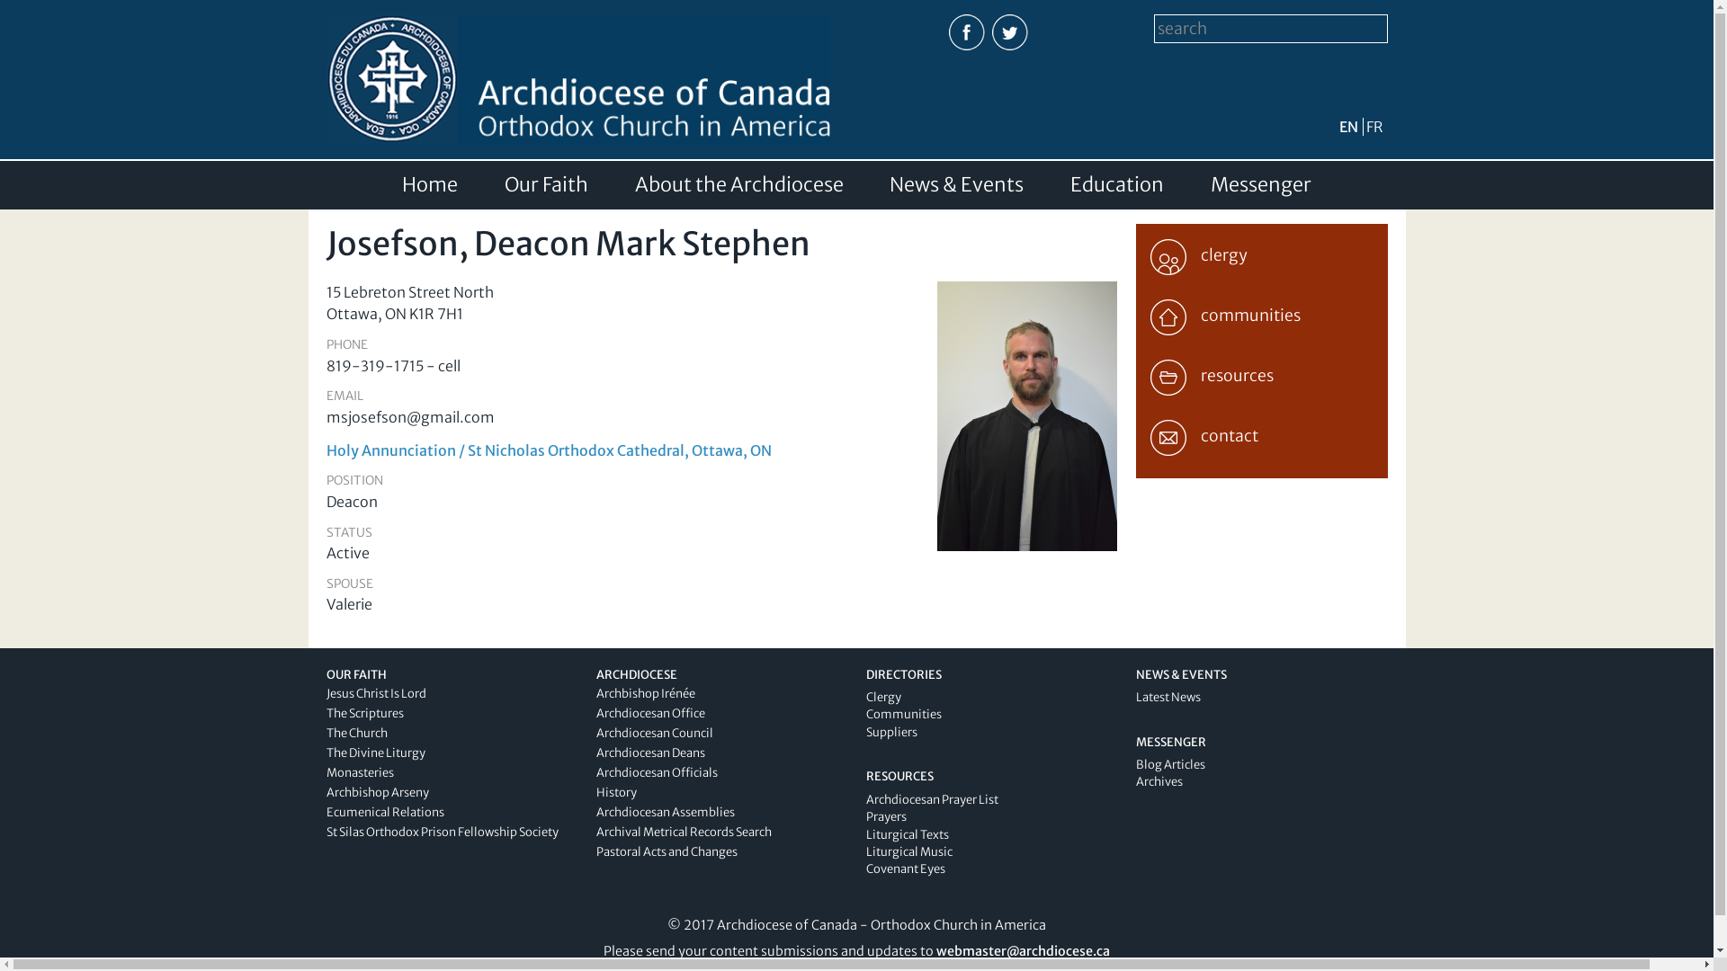  Describe the element at coordinates (907, 834) in the screenshot. I see `'Liturgical Texts'` at that location.